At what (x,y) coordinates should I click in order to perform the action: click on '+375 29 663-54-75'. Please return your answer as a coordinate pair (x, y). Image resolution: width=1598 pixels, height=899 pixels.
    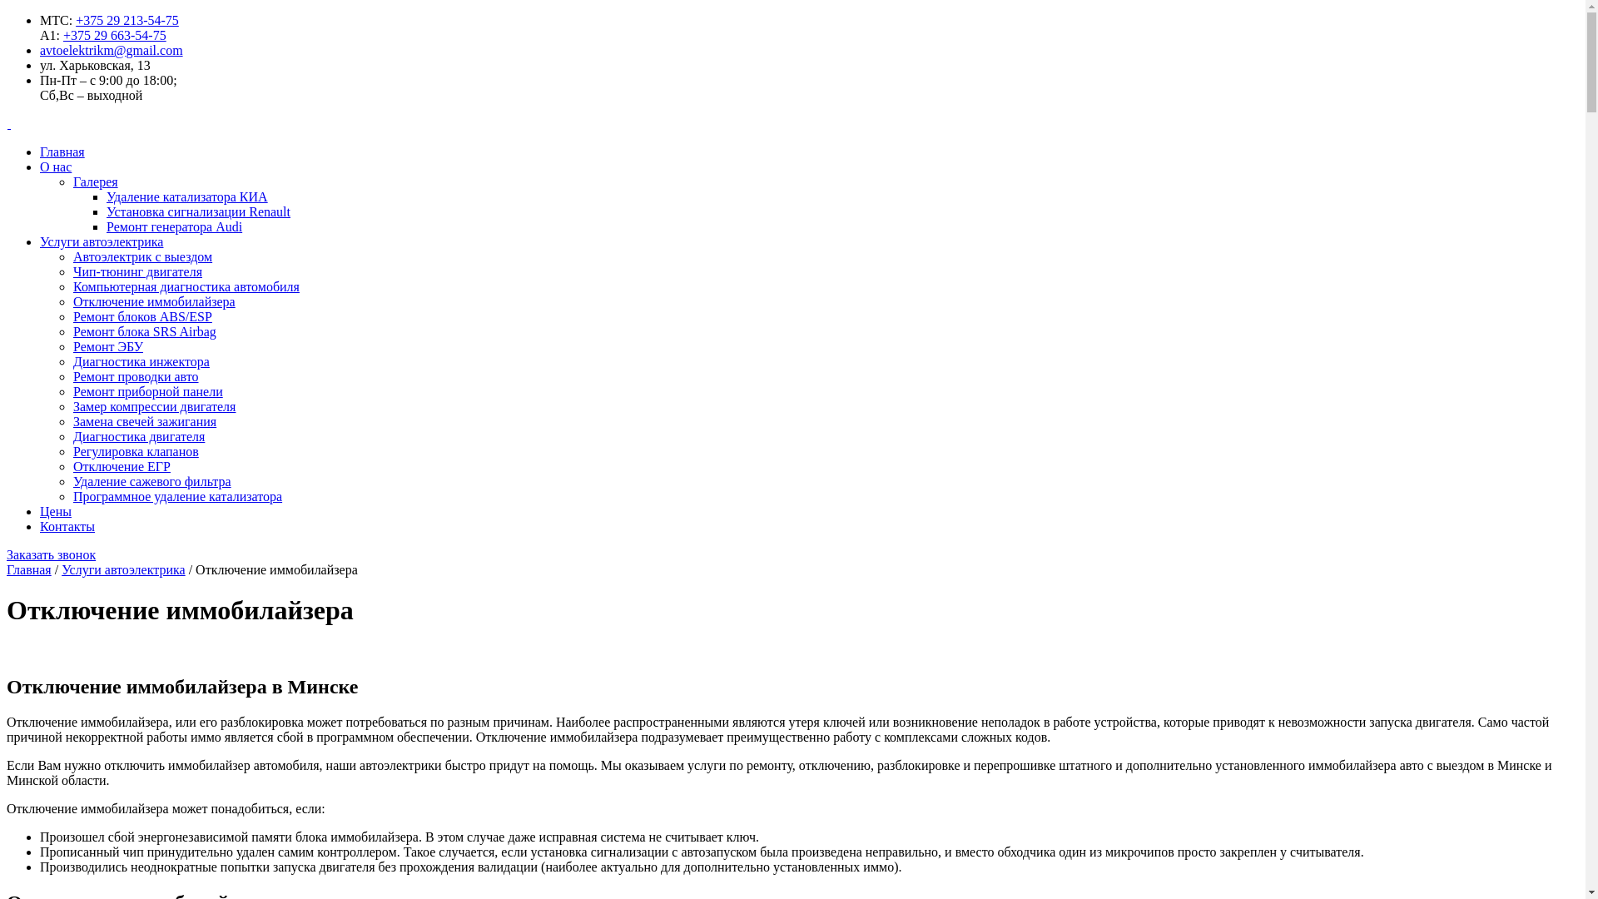
    Looking at the image, I should click on (114, 35).